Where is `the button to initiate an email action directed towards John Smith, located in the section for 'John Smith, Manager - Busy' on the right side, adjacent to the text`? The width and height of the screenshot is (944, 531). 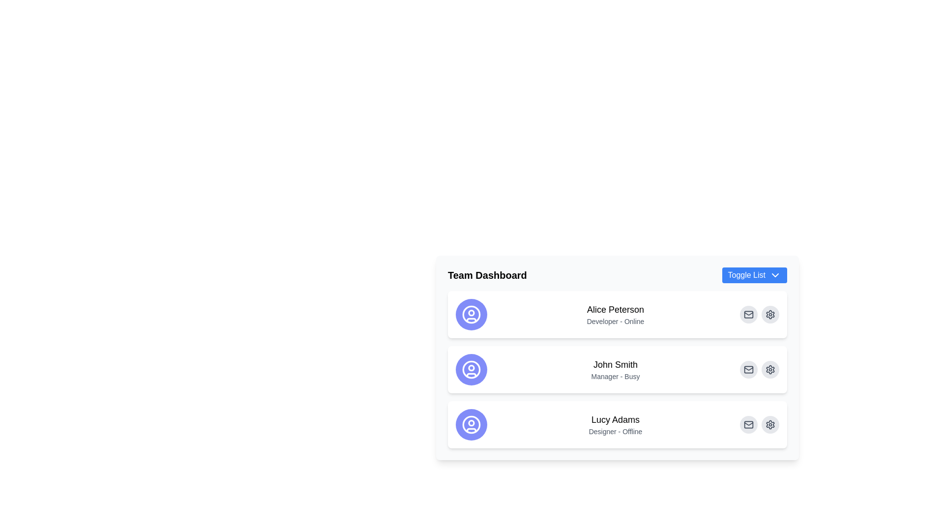 the button to initiate an email action directed towards John Smith, located in the section for 'John Smith, Manager - Busy' on the right side, adjacent to the text is located at coordinates (748, 370).